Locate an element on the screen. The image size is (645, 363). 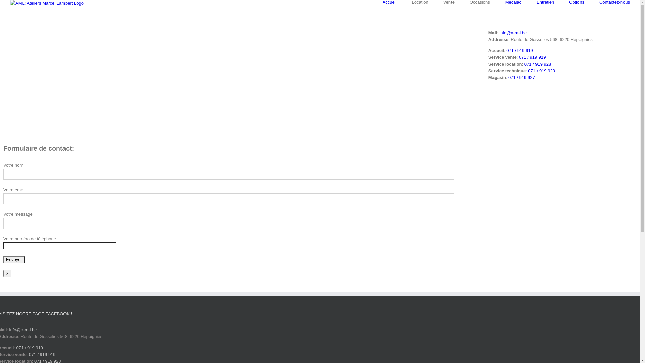
'071 / 919 919' is located at coordinates (532, 57).